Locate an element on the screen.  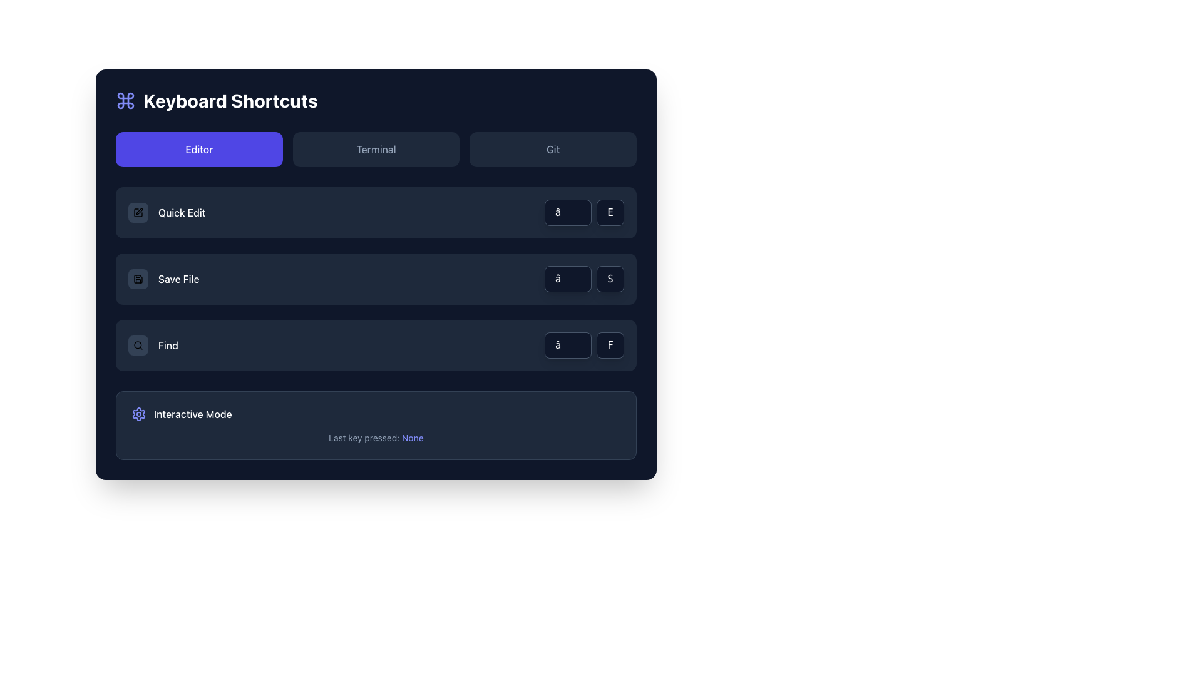
the text label displaying 'Last key pressed: None' located at the bottom of the 'Interactive Mode' section is located at coordinates (375, 437).